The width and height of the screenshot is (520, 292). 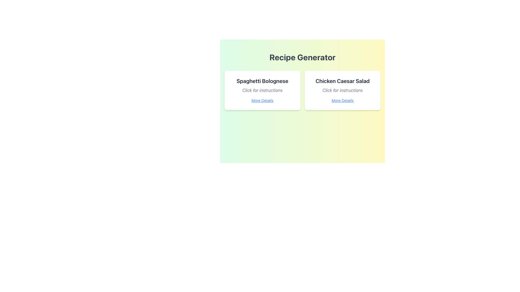 I want to click on the static text label that displays the recipe title in the second recipe card, located in the right panel above the 'Click for instructions' text, so click(x=342, y=81).